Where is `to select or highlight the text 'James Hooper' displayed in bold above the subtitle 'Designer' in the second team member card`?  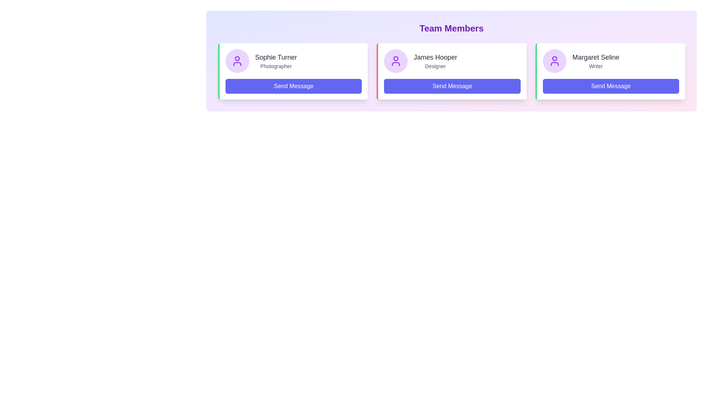
to select or highlight the text 'James Hooper' displayed in bold above the subtitle 'Designer' in the second team member card is located at coordinates (435, 61).